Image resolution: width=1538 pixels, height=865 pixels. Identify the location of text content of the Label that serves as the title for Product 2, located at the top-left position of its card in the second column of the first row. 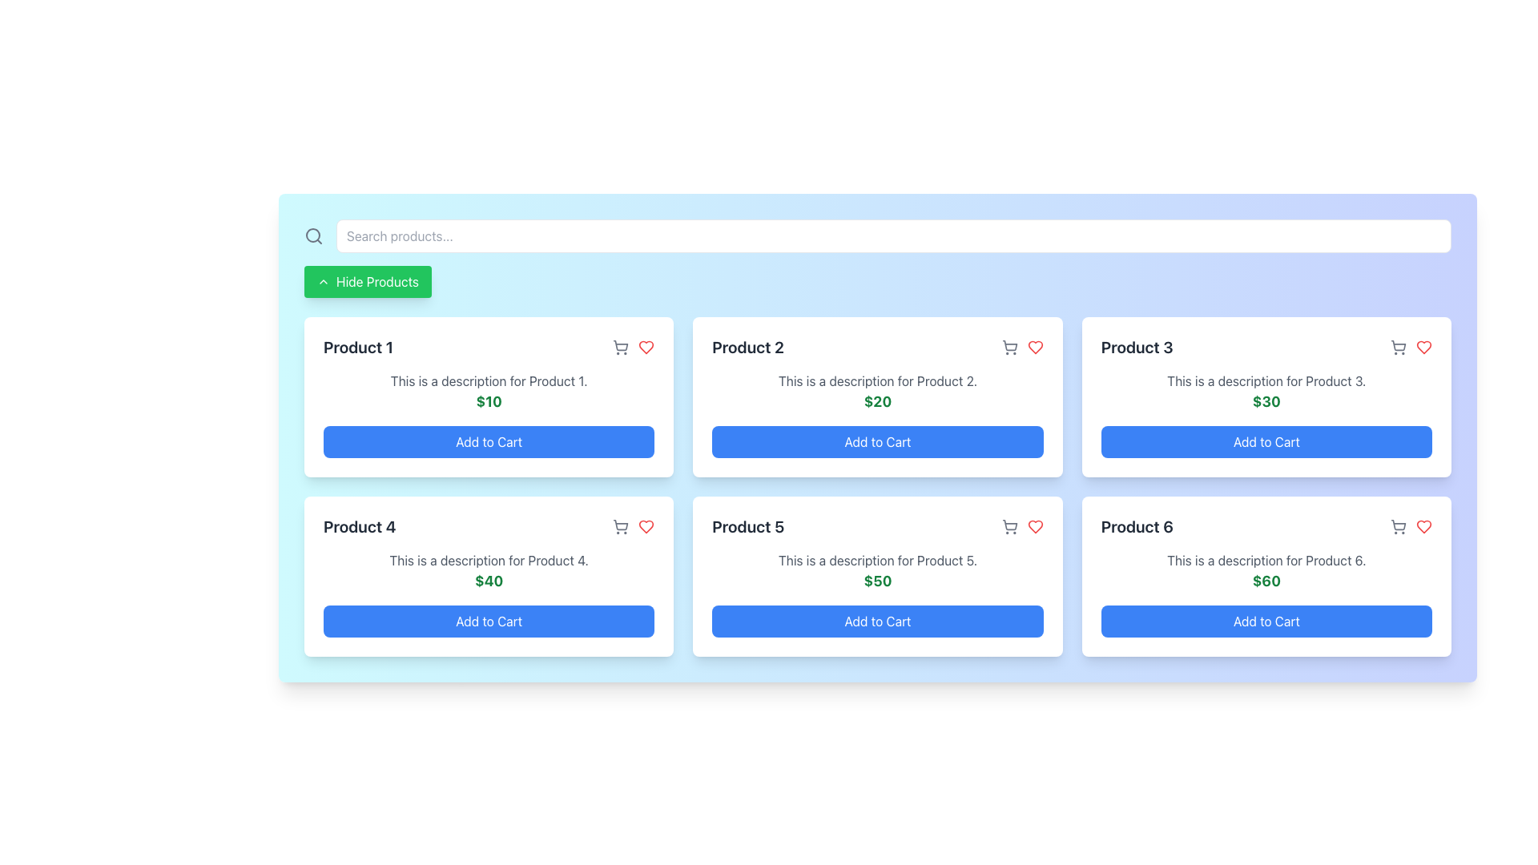
(747, 347).